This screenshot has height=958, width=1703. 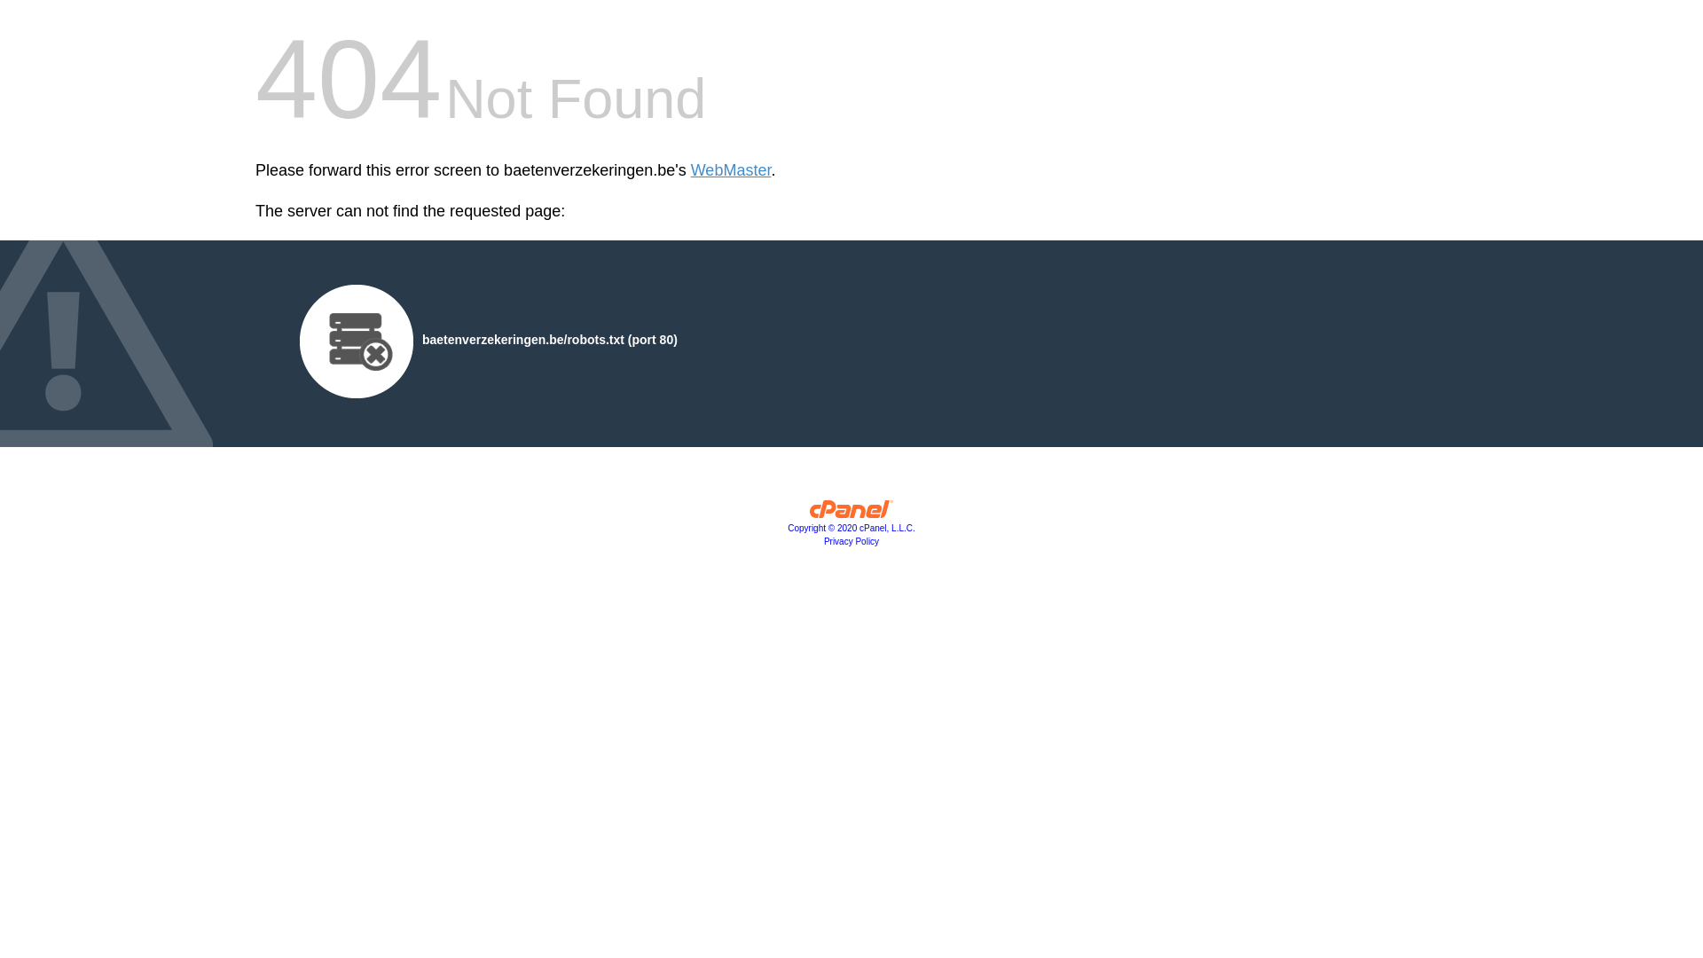 What do you see at coordinates (731, 170) in the screenshot?
I see `'WebMaster'` at bounding box center [731, 170].